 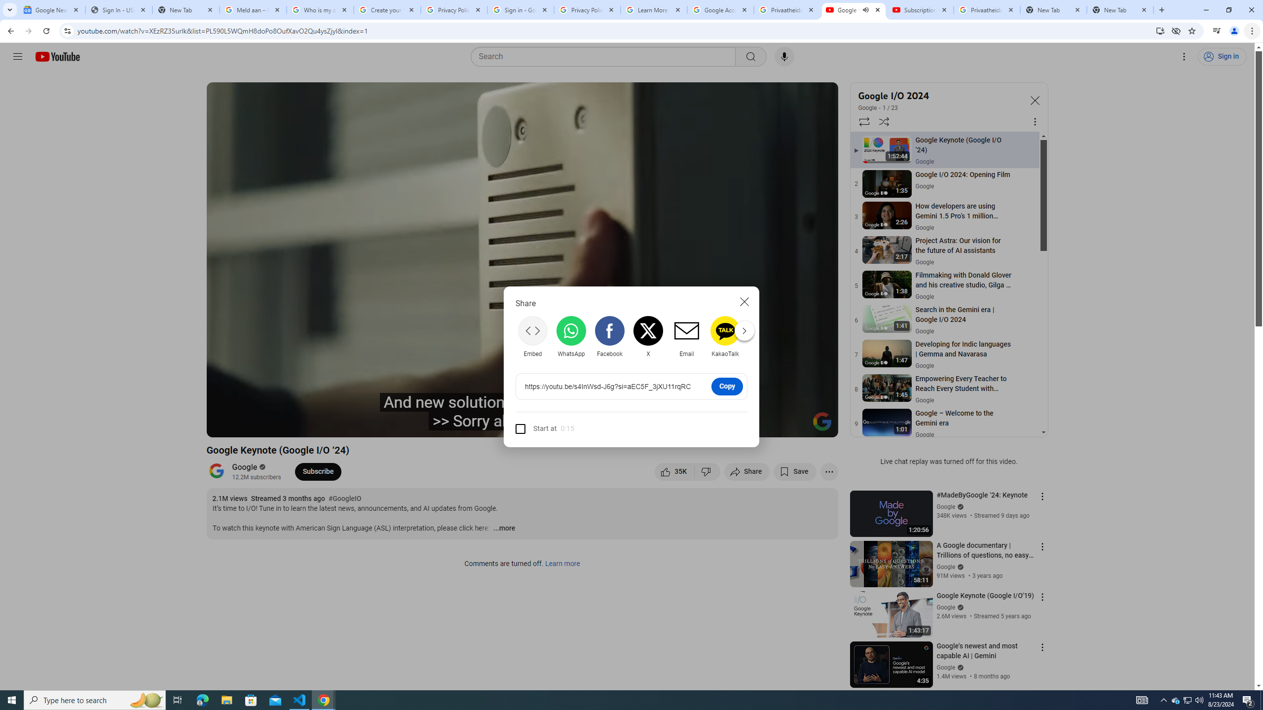 I want to click on 'Facebook', so click(x=609, y=336).